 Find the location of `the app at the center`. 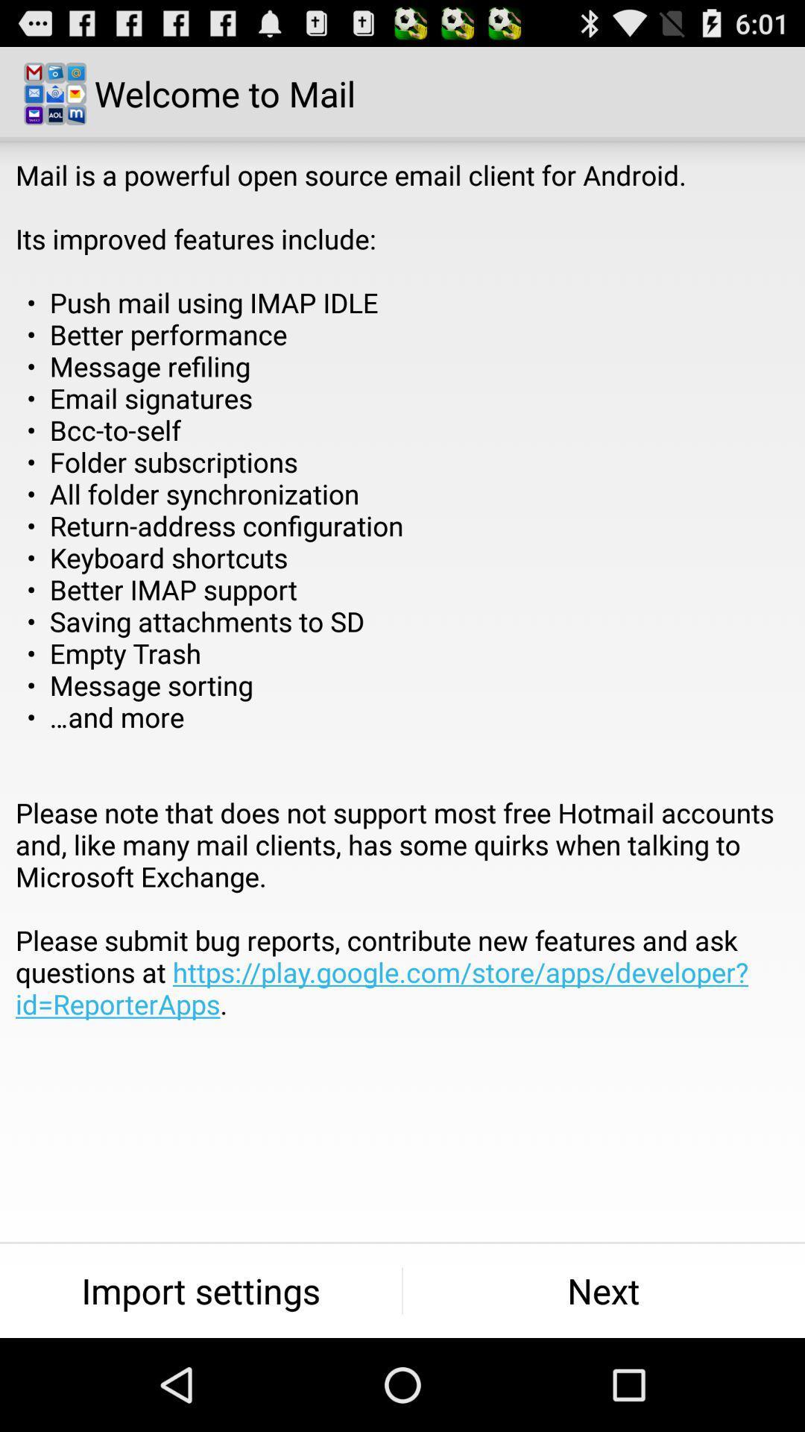

the app at the center is located at coordinates (402, 621).